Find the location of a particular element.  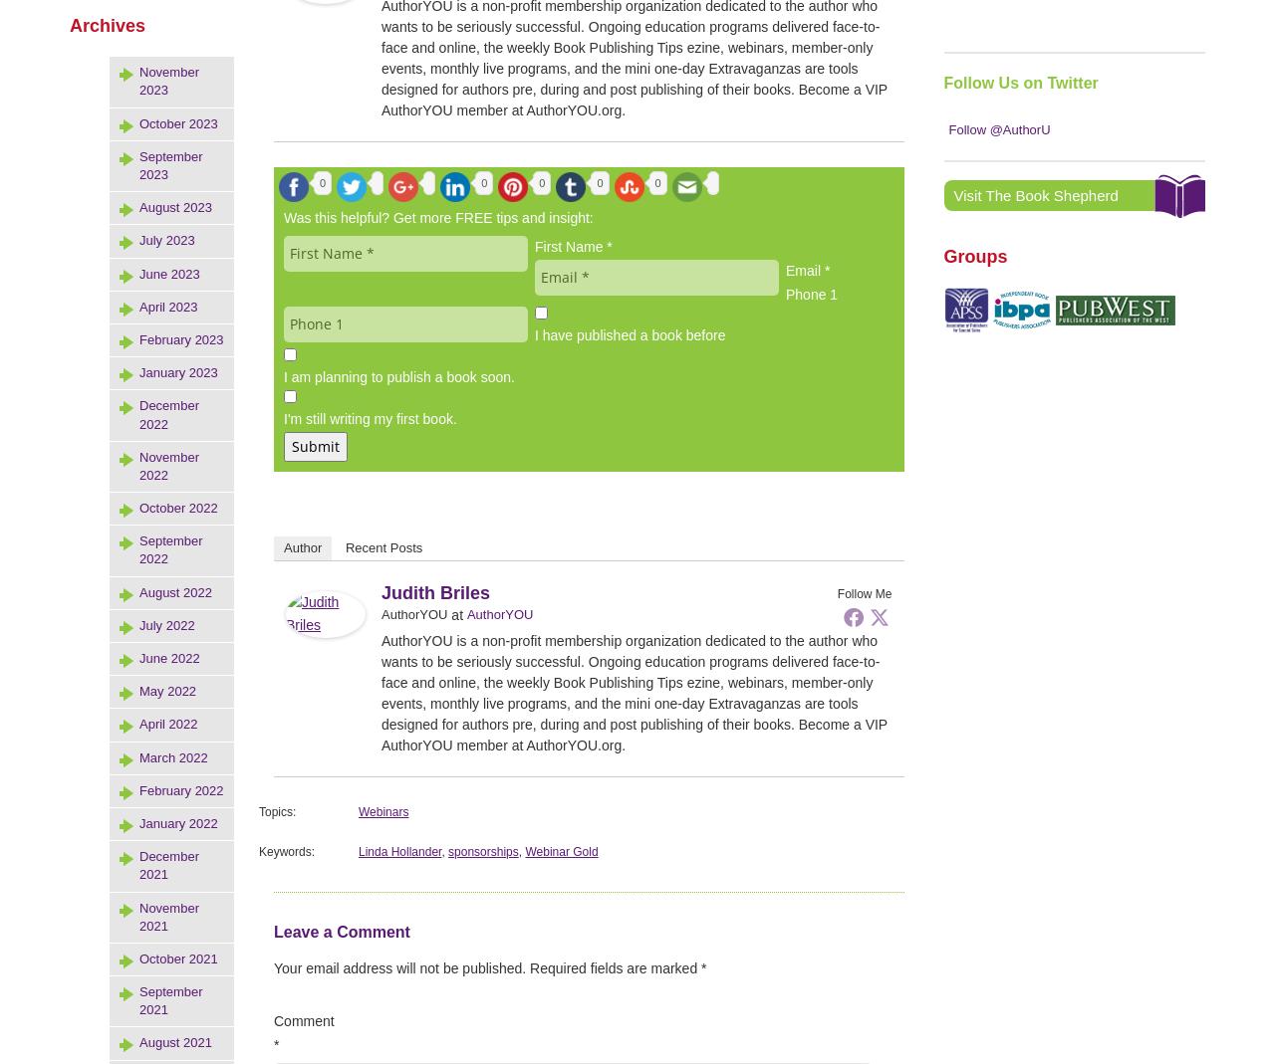

'April 2023' is located at coordinates (167, 305).